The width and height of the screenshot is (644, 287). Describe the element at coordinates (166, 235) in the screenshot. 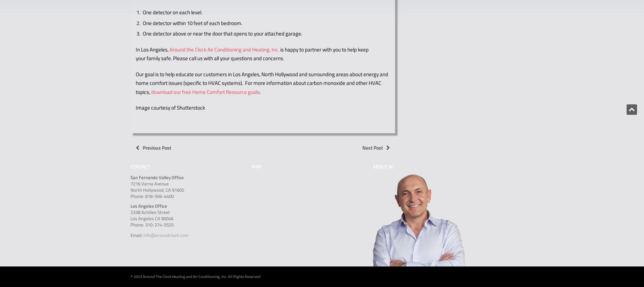

I see `'info@aroundclock.com'` at that location.